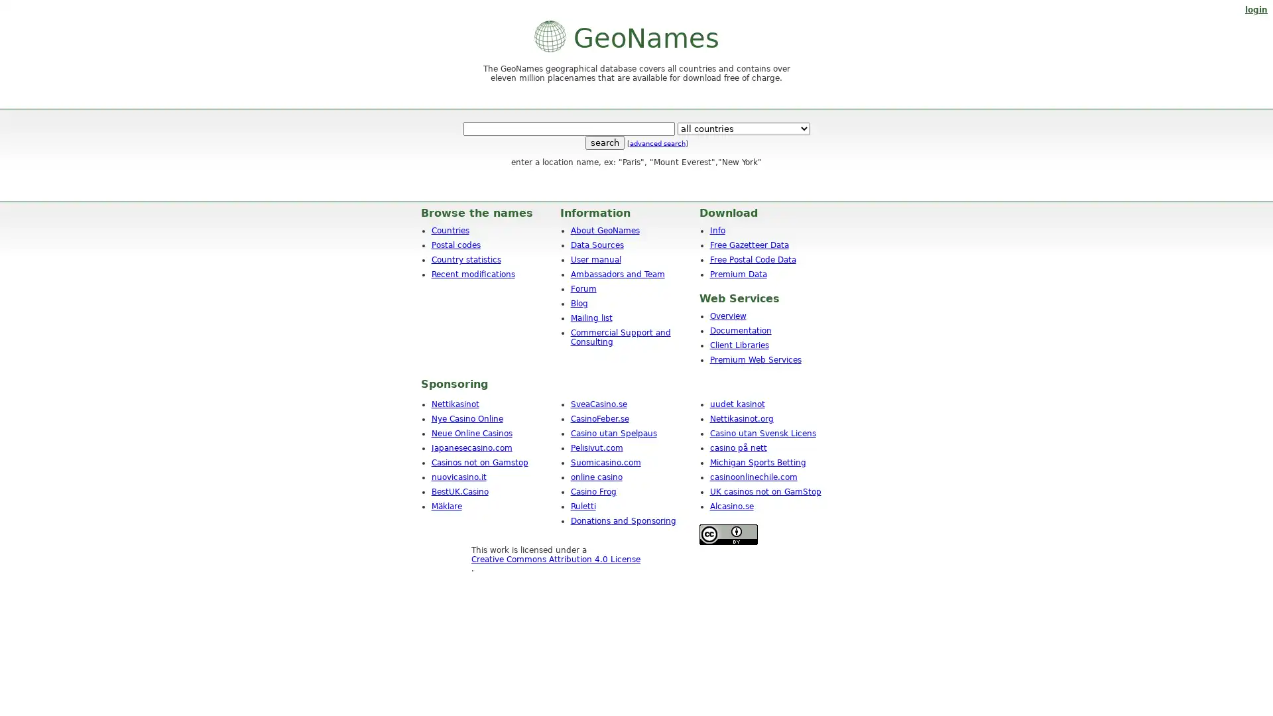 The width and height of the screenshot is (1273, 716). What do you see at coordinates (603, 143) in the screenshot?
I see `search` at bounding box center [603, 143].